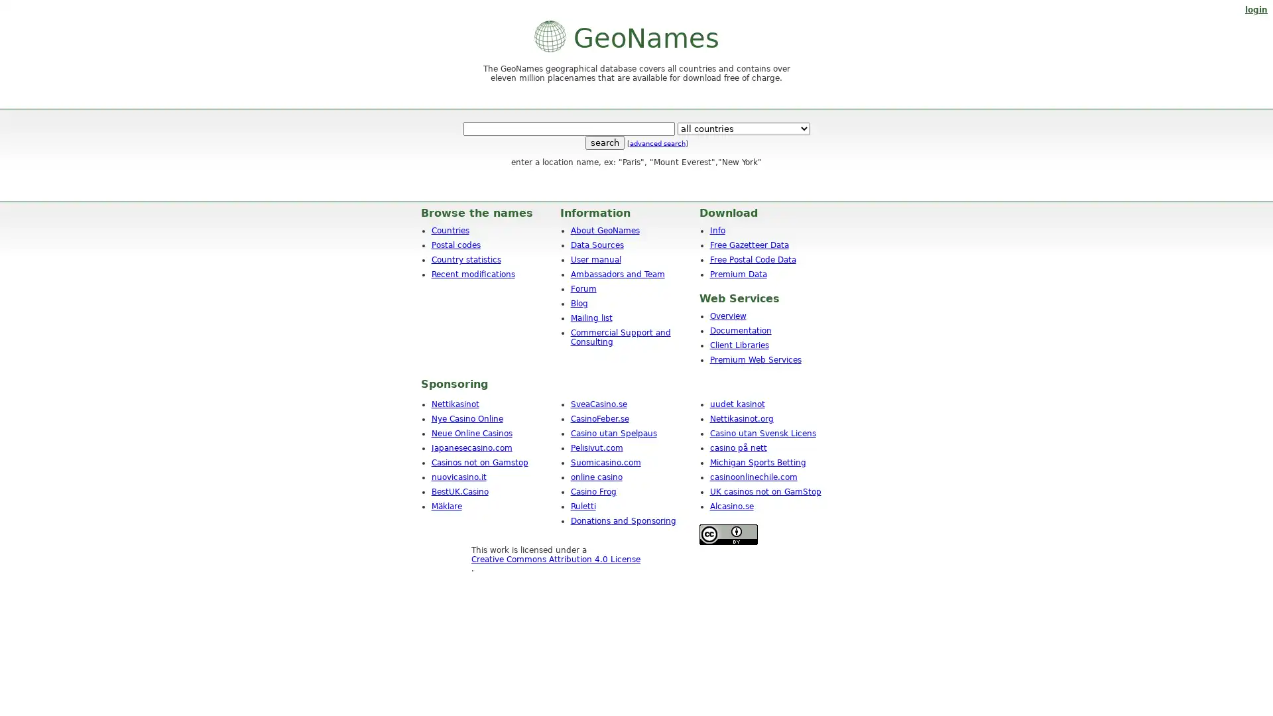 The width and height of the screenshot is (1273, 716). What do you see at coordinates (603, 143) in the screenshot?
I see `search` at bounding box center [603, 143].